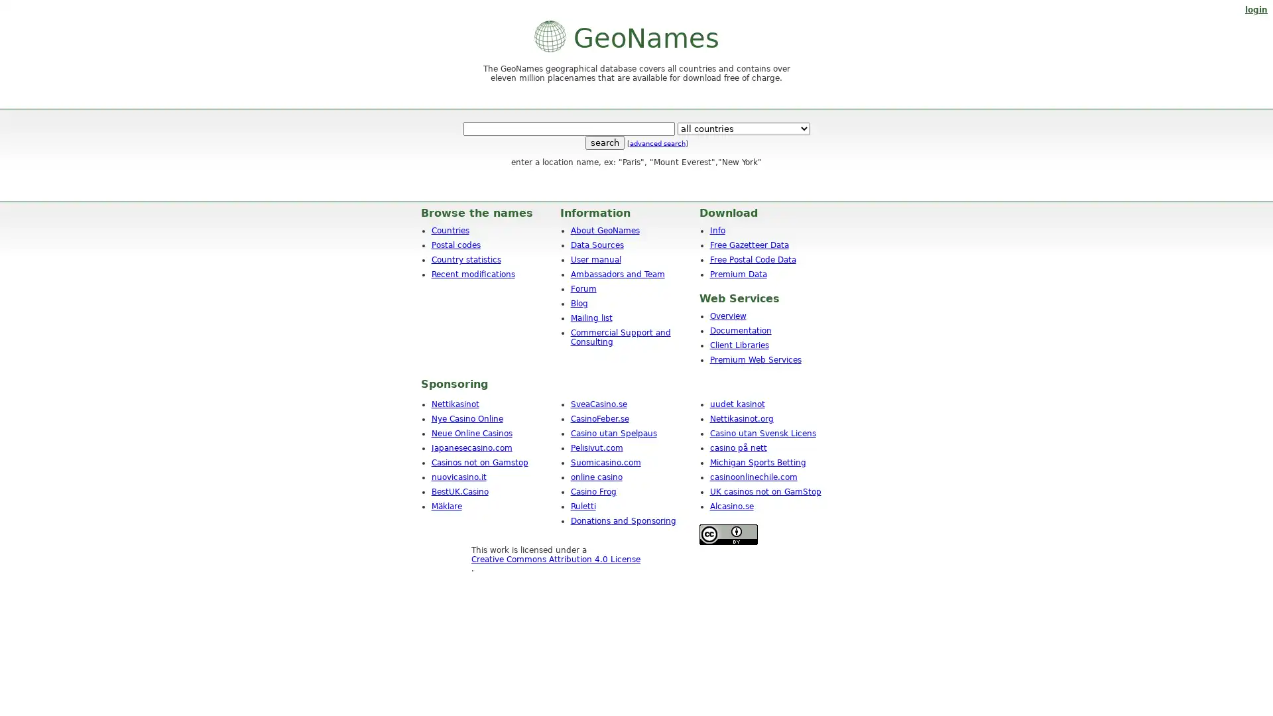 The width and height of the screenshot is (1273, 716). What do you see at coordinates (603, 143) in the screenshot?
I see `search` at bounding box center [603, 143].